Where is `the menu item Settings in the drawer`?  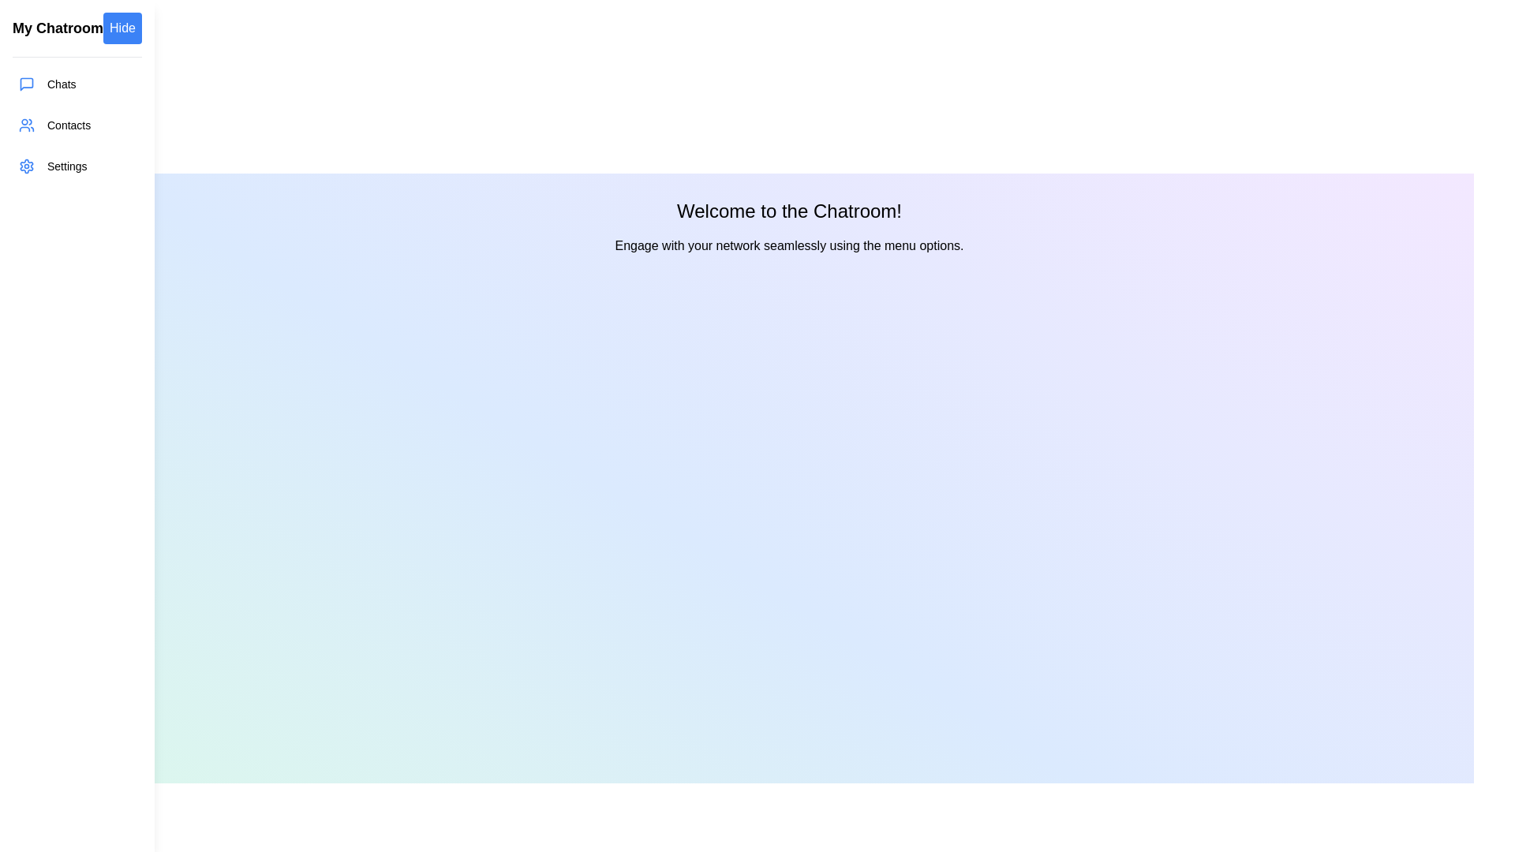 the menu item Settings in the drawer is located at coordinates (75, 166).